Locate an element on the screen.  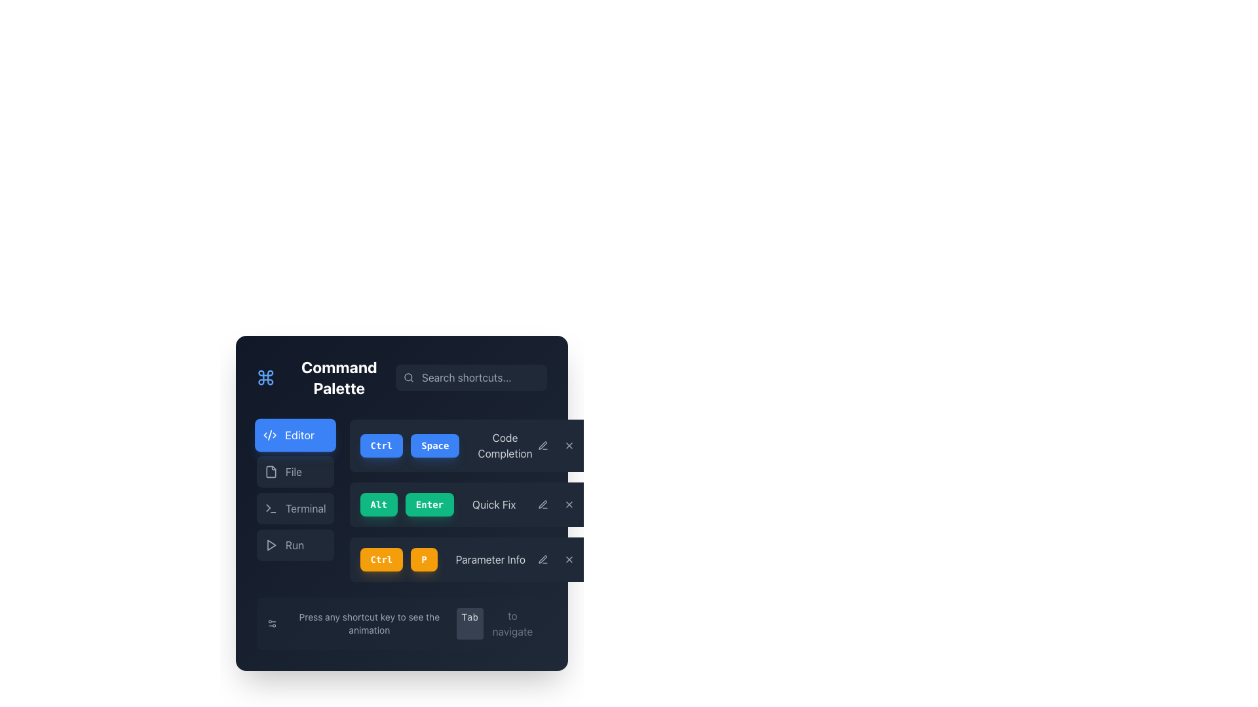
the Interactive icon button (pen icon) located at the rightmost side of the 'Parameter Info' row in the command palette interface to change its appearance is located at coordinates (543, 560).